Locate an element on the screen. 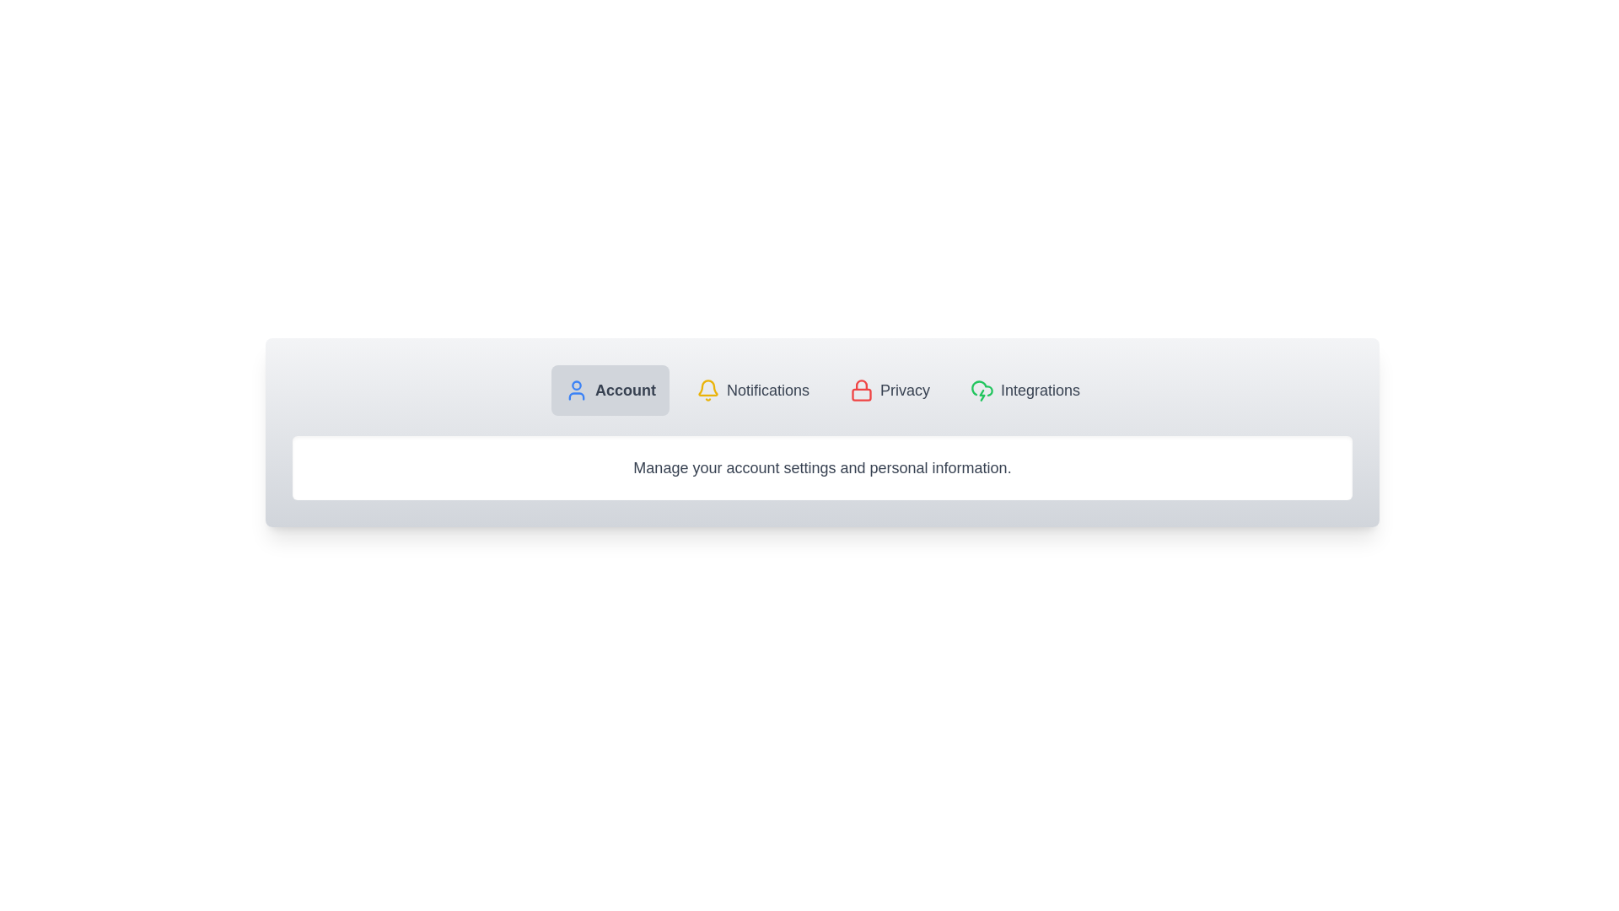 The image size is (1619, 911). the fourth navigation button in the horizontal navigation bar, located to the right of the 'Privacy' button is located at coordinates (1024, 390).